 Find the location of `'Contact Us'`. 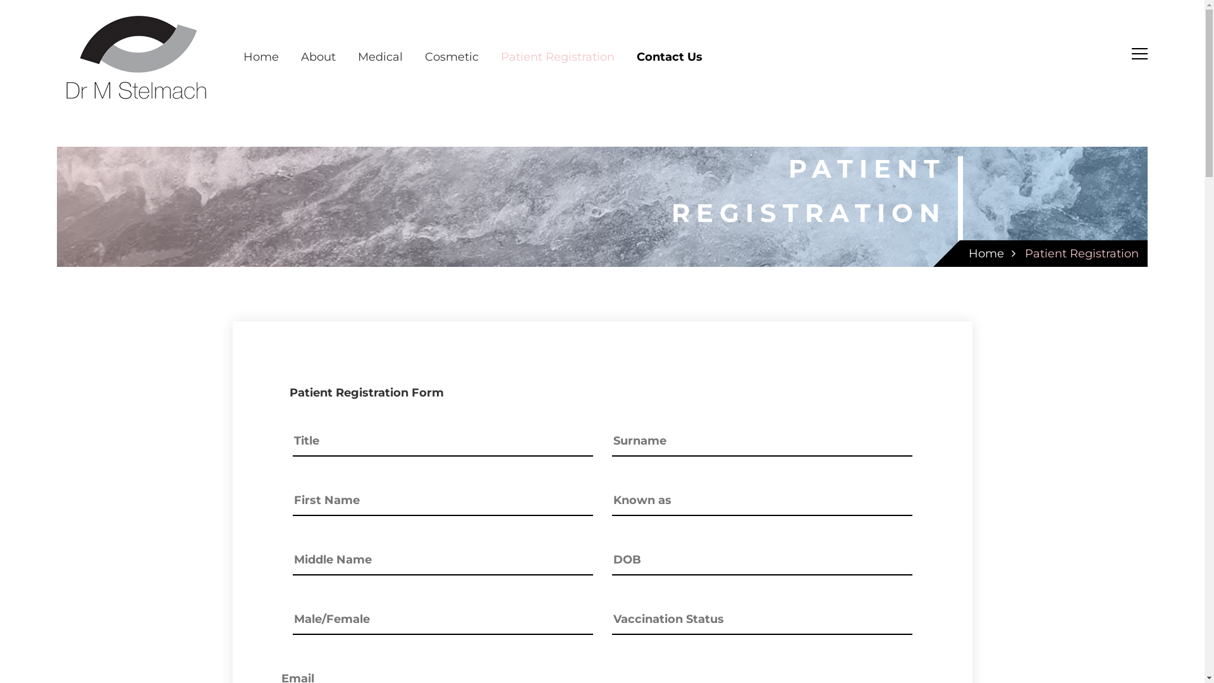

'Contact Us' is located at coordinates (669, 56).